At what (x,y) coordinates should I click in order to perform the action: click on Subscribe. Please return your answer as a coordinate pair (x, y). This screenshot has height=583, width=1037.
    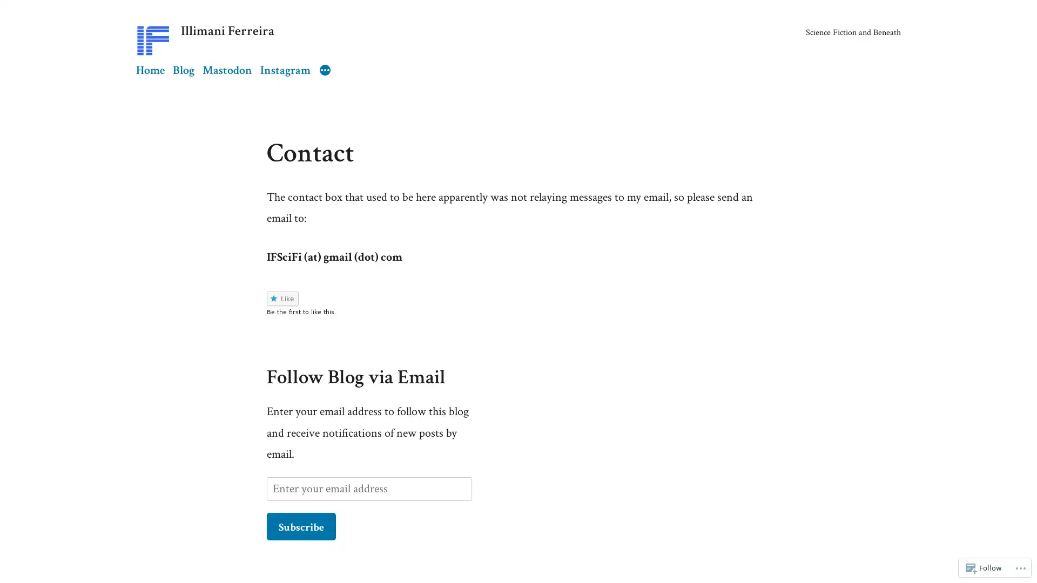
    Looking at the image, I should click on (301, 525).